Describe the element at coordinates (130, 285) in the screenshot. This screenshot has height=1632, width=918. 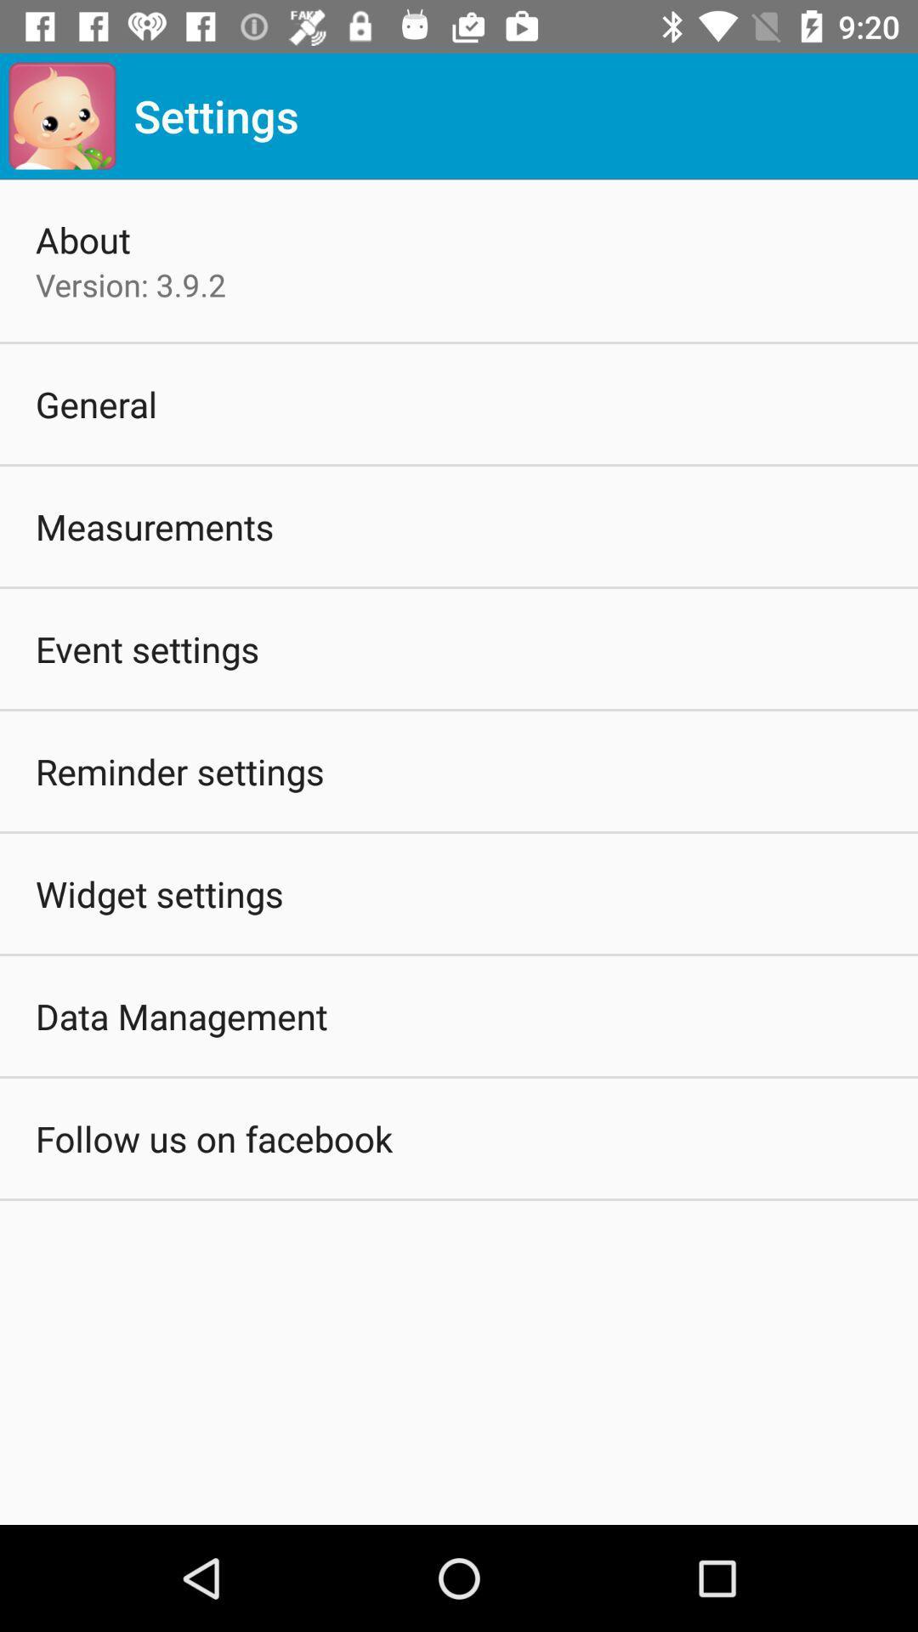
I see `version 3 9` at that location.